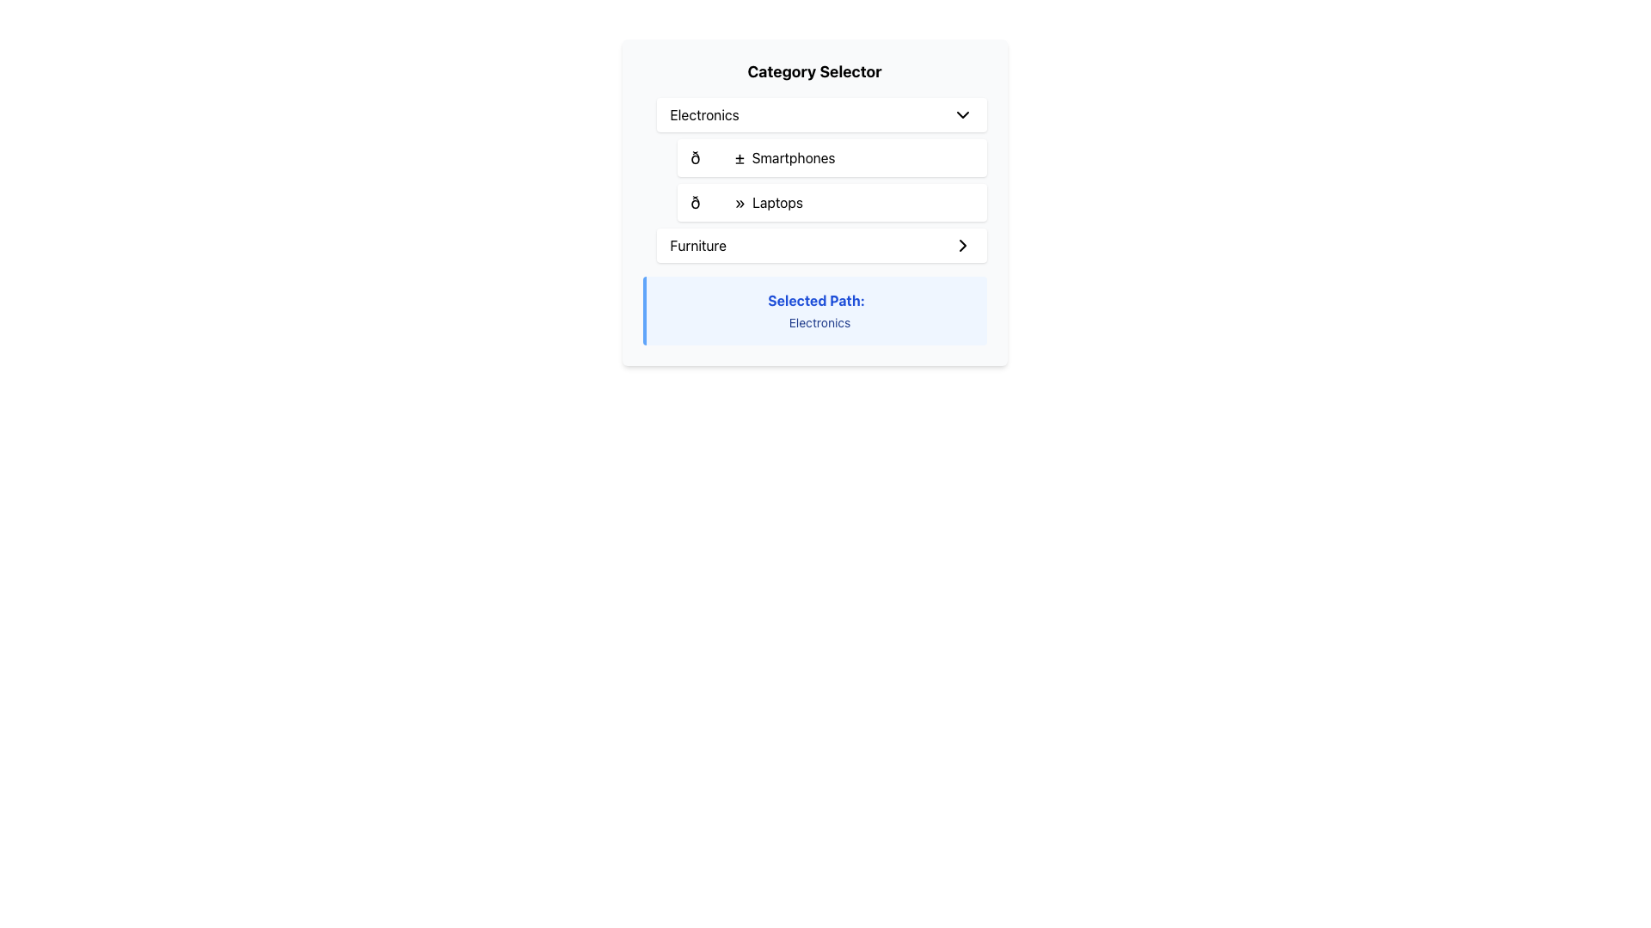 The height and width of the screenshot is (928, 1651). What do you see at coordinates (698, 245) in the screenshot?
I see `the clickable label for the 'Furniture' category located in the middle section of the list, to the left of the navigation arrow icon` at bounding box center [698, 245].